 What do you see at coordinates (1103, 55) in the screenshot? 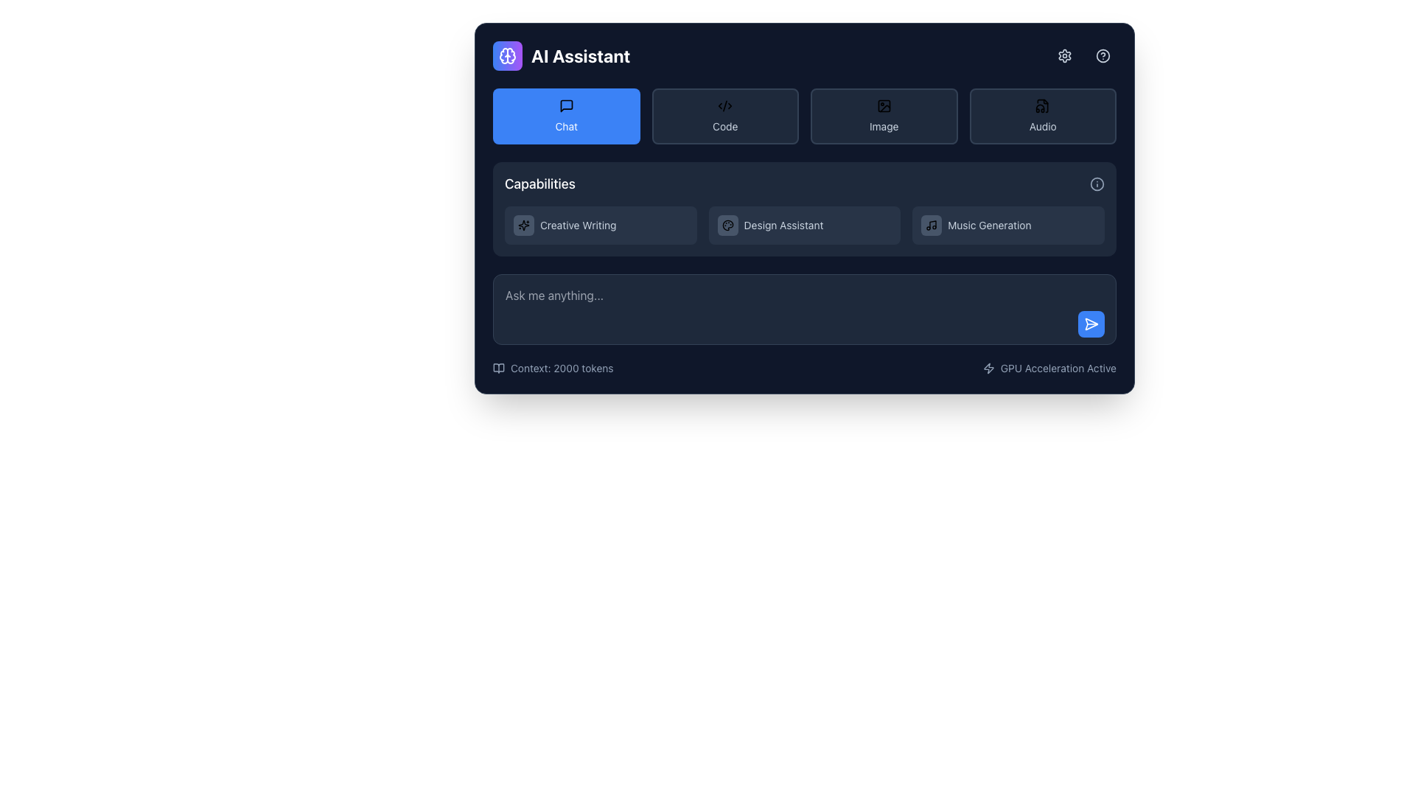
I see `the Interactive help icon, which is a circular icon with a question mark, located at the top-right corner of the application interface` at bounding box center [1103, 55].